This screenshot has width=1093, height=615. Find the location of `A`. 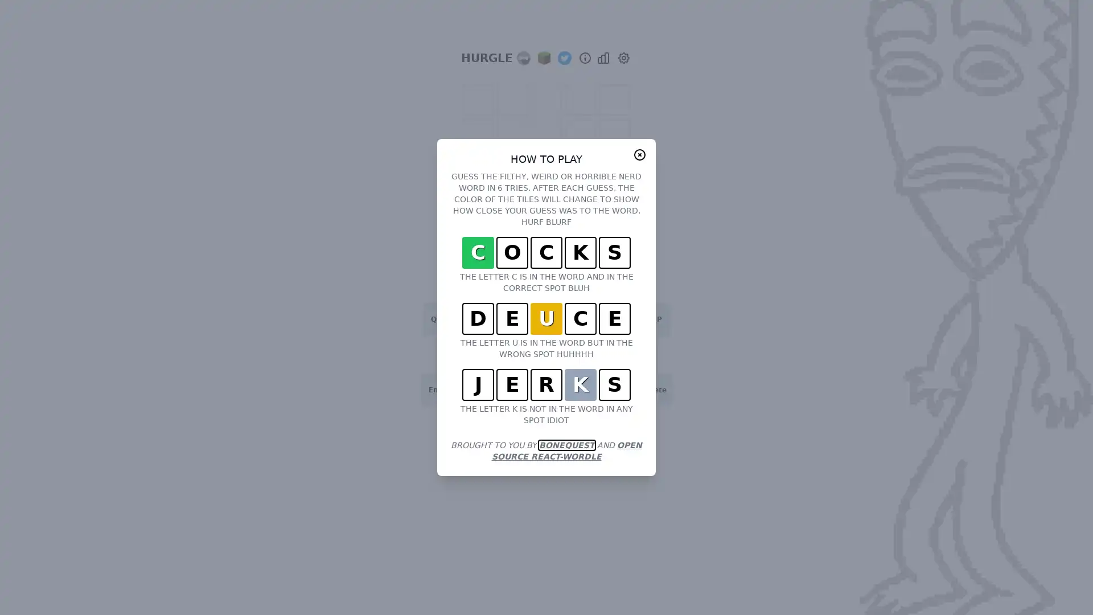

A is located at coordinates (445, 354).